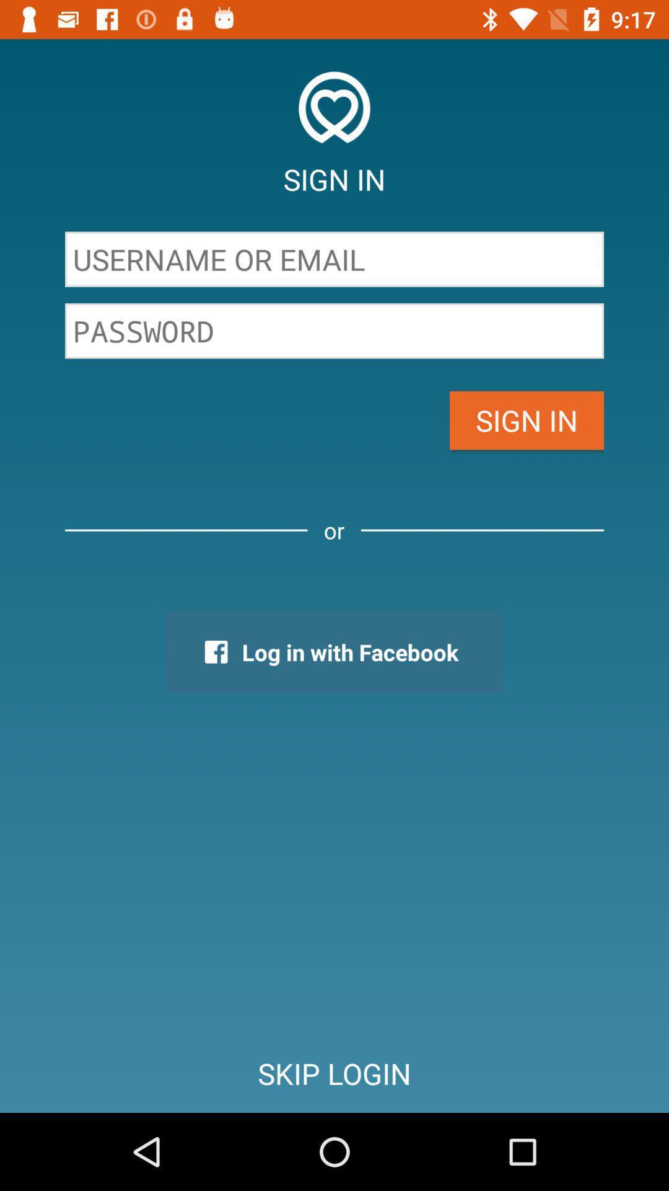 The height and width of the screenshot is (1191, 669). What do you see at coordinates (334, 259) in the screenshot?
I see `item below sign in` at bounding box center [334, 259].